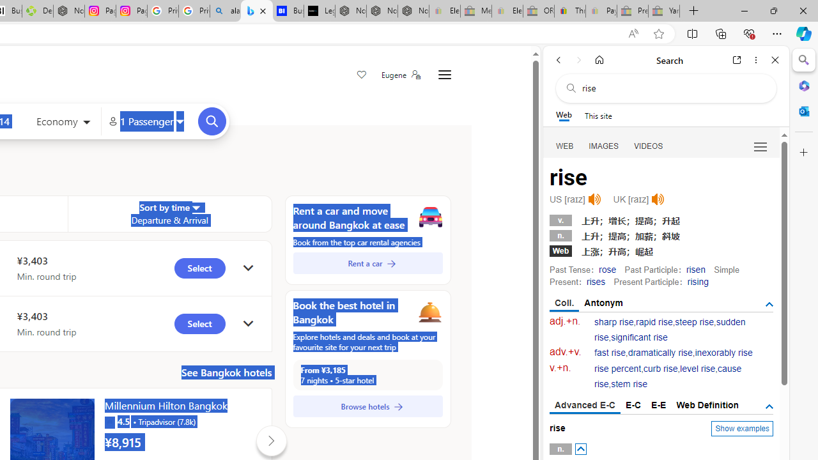 The image size is (818, 460). What do you see at coordinates (667, 376) in the screenshot?
I see `'cause rise'` at bounding box center [667, 376].